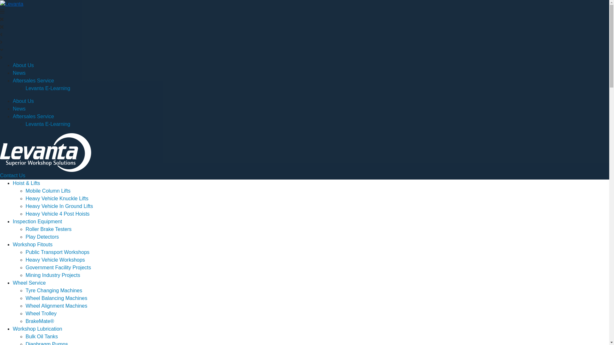  I want to click on 'Wheel Service', so click(29, 282).